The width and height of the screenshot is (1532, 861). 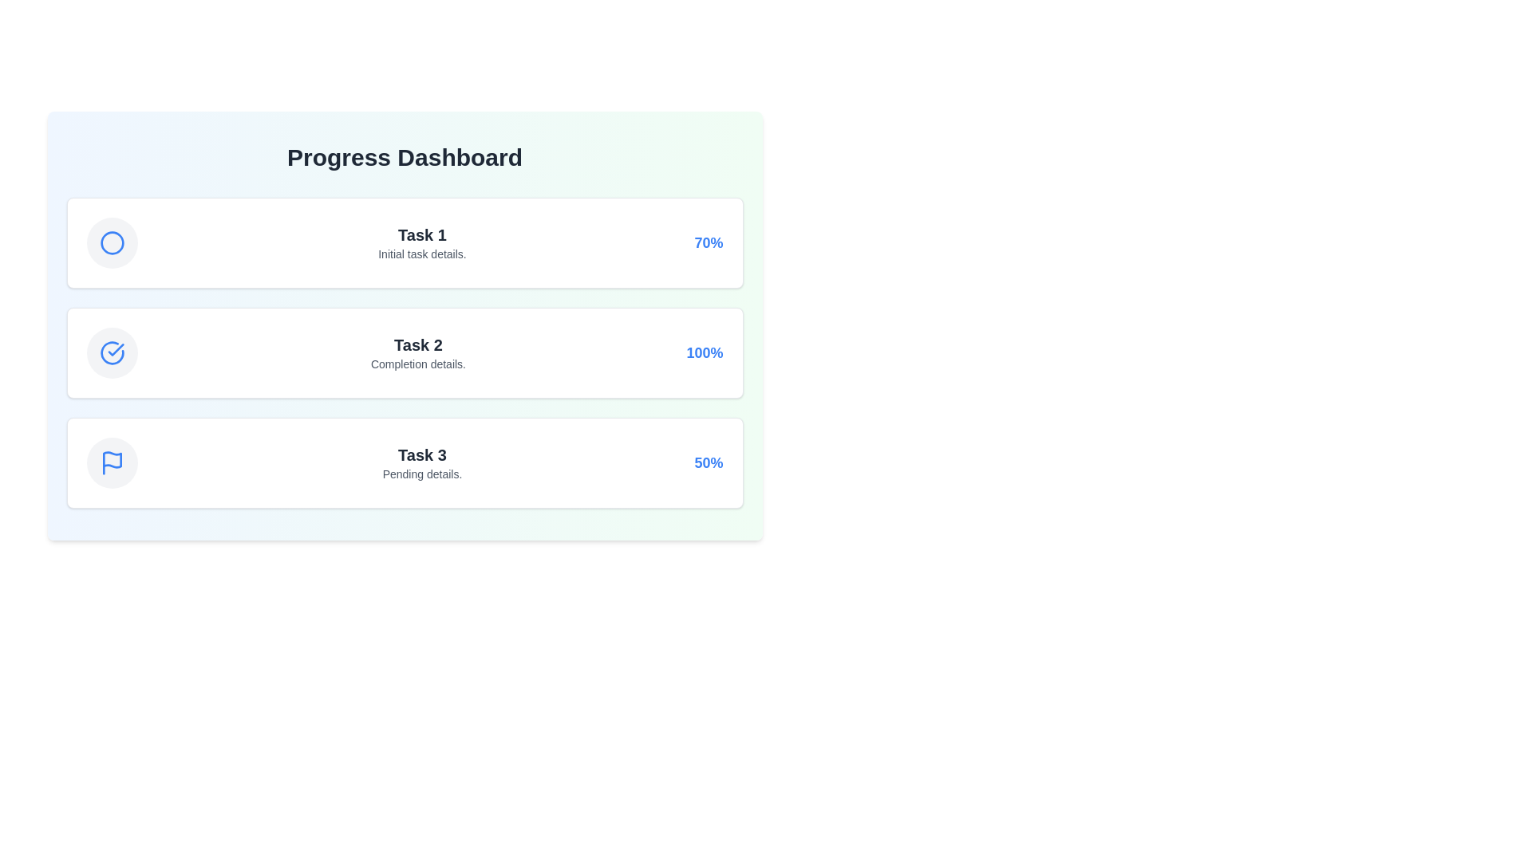 I want to click on the static text label that displays 'Pending details.' positioned beneath the 'Task 3' header, so click(x=422, y=473).